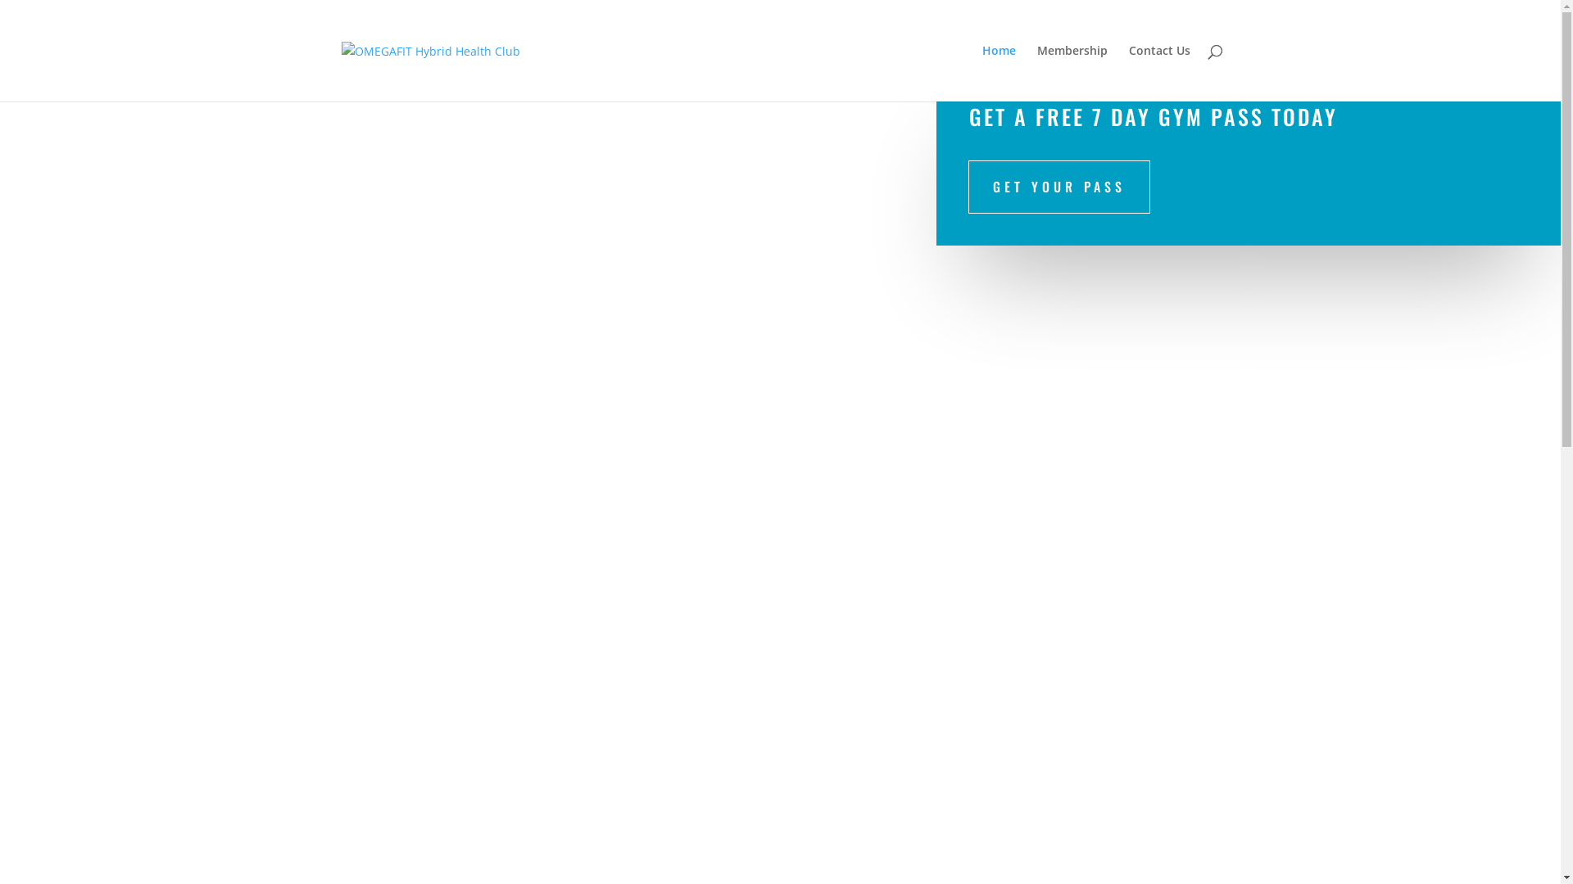 This screenshot has width=1573, height=884. What do you see at coordinates (1158, 72) in the screenshot?
I see `'Contact Us'` at bounding box center [1158, 72].